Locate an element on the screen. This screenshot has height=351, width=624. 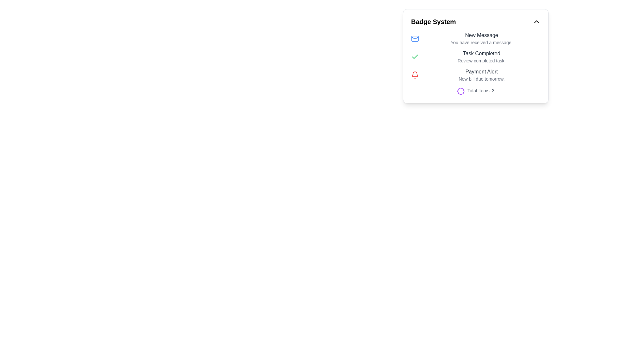
the dropdown toggle button located at the top-right corner of the 'Badge System' card is located at coordinates (537, 21).